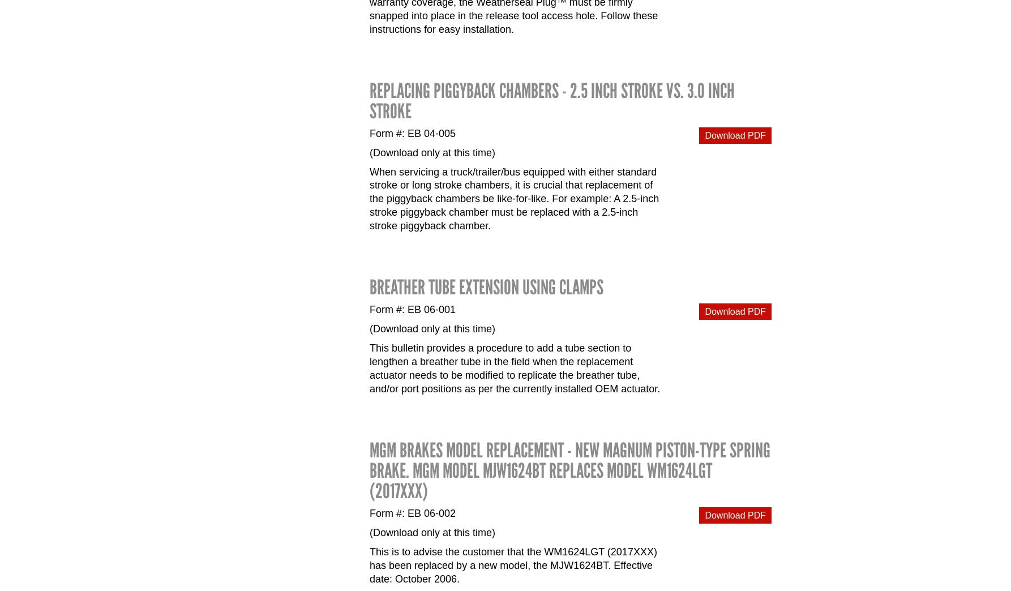 The image size is (1011, 591). I want to click on 'Replacing Piggyback Chambers - 2.5 inch stroke vs. 3.0 inch stroke', so click(552, 100).